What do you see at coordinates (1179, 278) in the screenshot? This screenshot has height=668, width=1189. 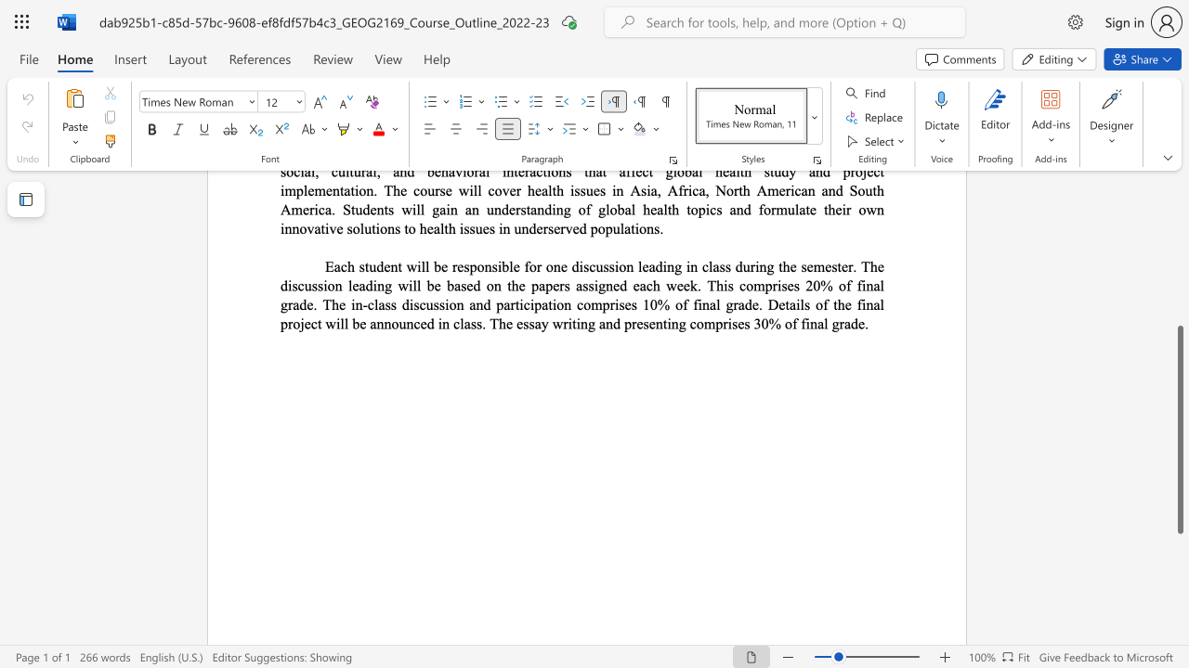 I see `the scrollbar to move the page upward` at bounding box center [1179, 278].